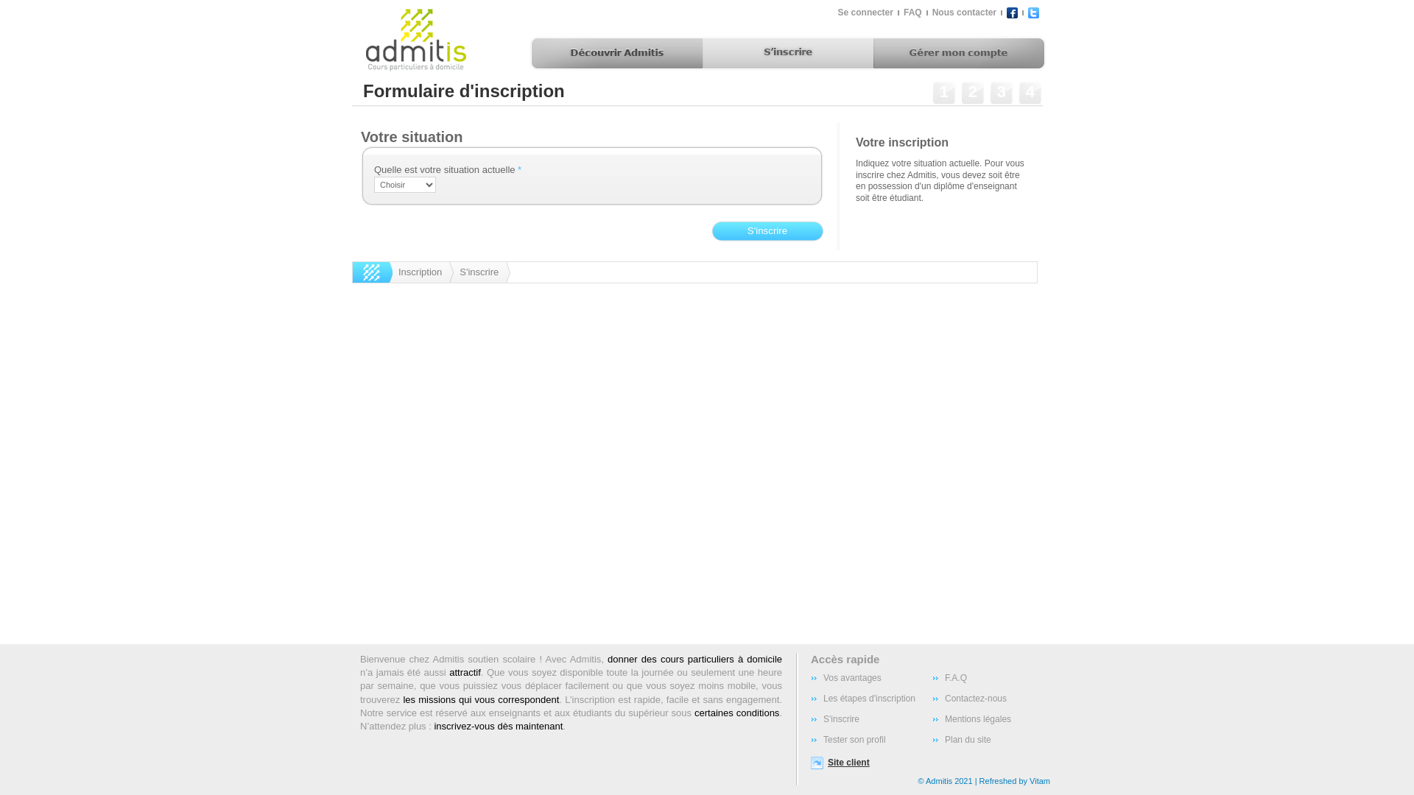 This screenshot has height=795, width=1414. What do you see at coordinates (856, 762) in the screenshot?
I see `'Site client'` at bounding box center [856, 762].